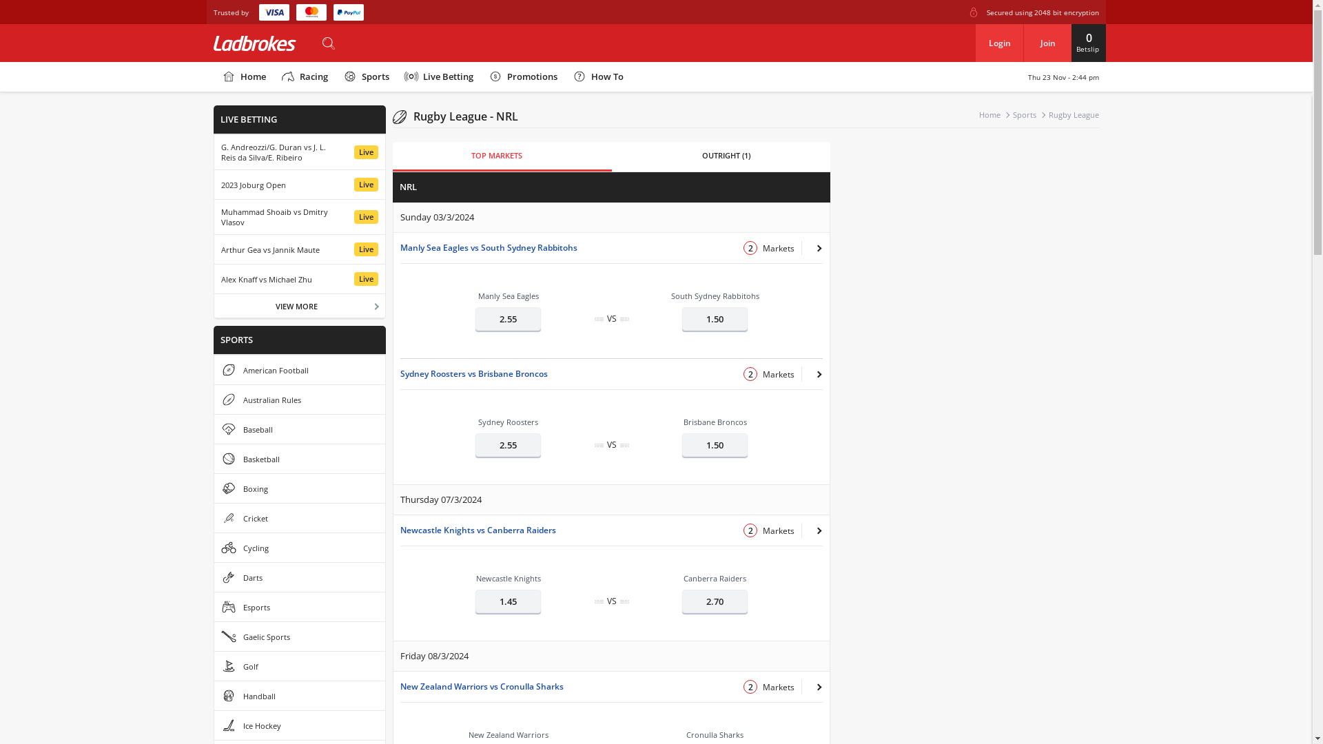 The width and height of the screenshot is (1323, 744). I want to click on 'Baseball', so click(299, 428).